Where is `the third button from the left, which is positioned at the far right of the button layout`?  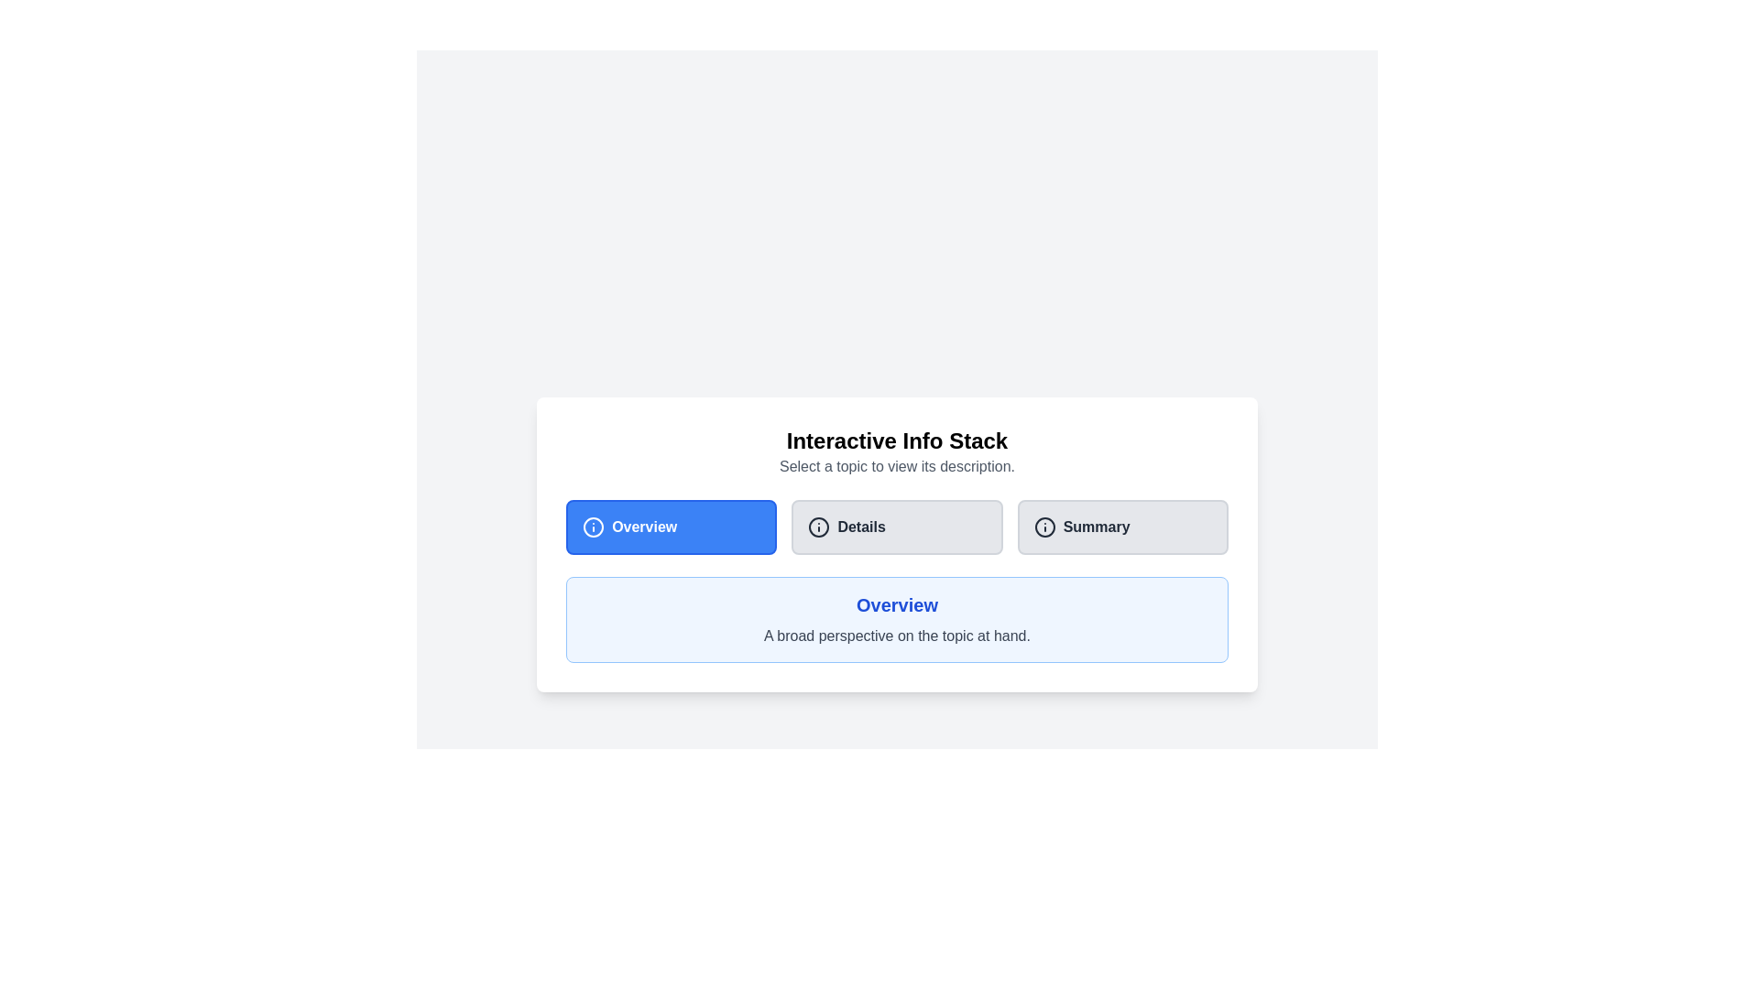 the third button from the left, which is positioned at the far right of the button layout is located at coordinates (1121, 527).